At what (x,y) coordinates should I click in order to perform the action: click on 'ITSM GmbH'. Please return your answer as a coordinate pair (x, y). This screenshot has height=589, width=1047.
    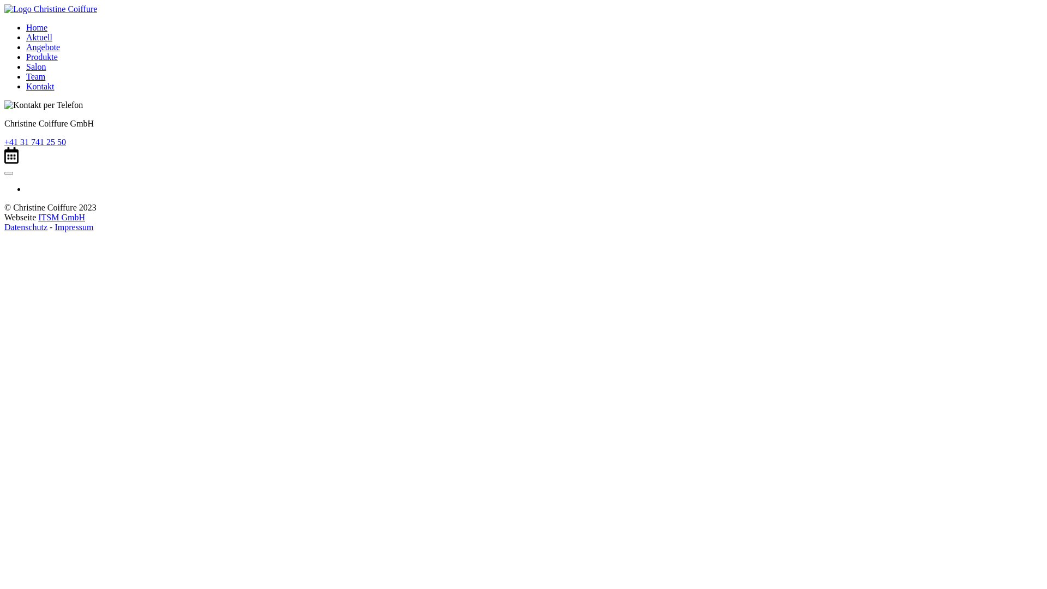
    Looking at the image, I should click on (61, 217).